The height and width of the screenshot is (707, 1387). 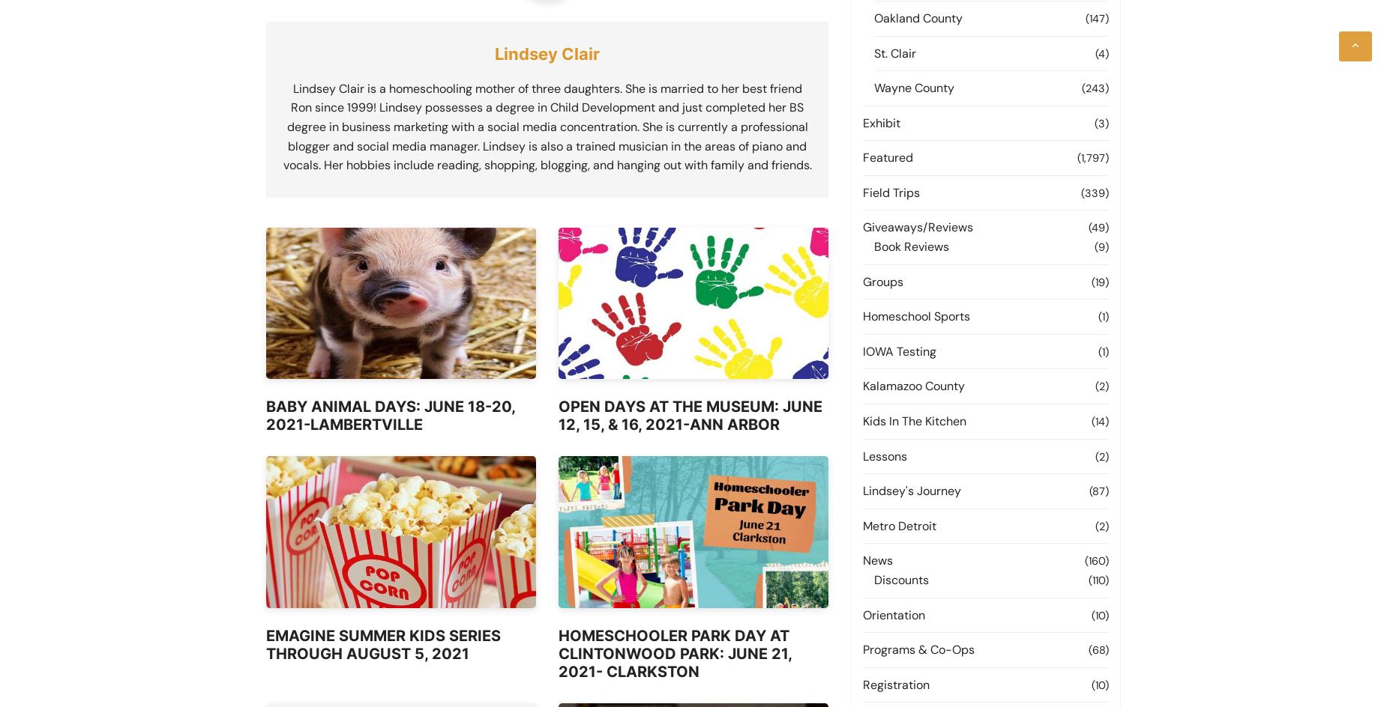 What do you see at coordinates (884, 455) in the screenshot?
I see `'Lessons'` at bounding box center [884, 455].